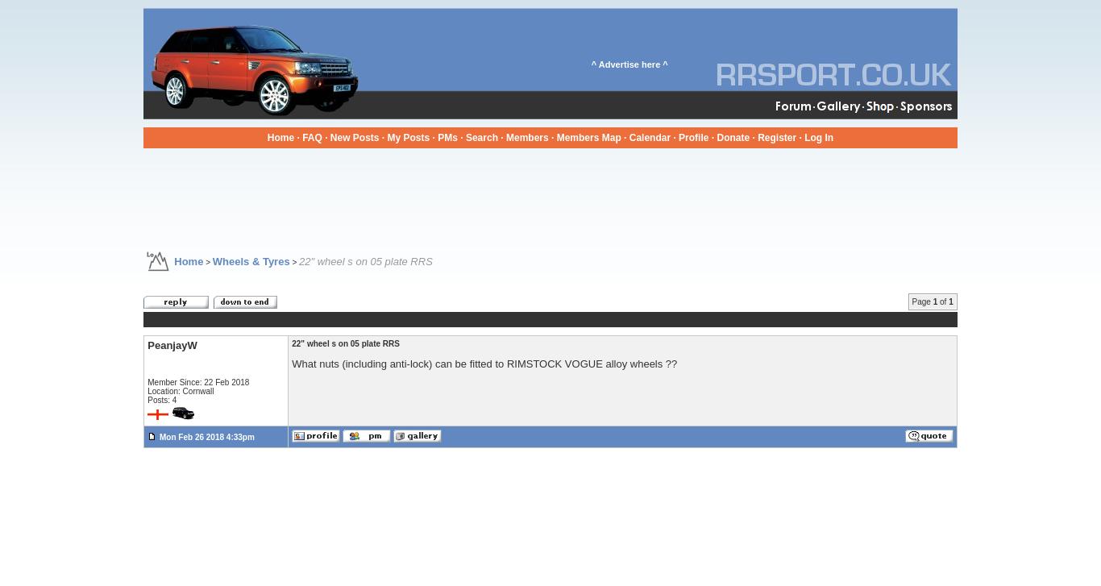 The height and width of the screenshot is (586, 1101). Describe the element at coordinates (160, 399) in the screenshot. I see `'Posts: 4'` at that location.